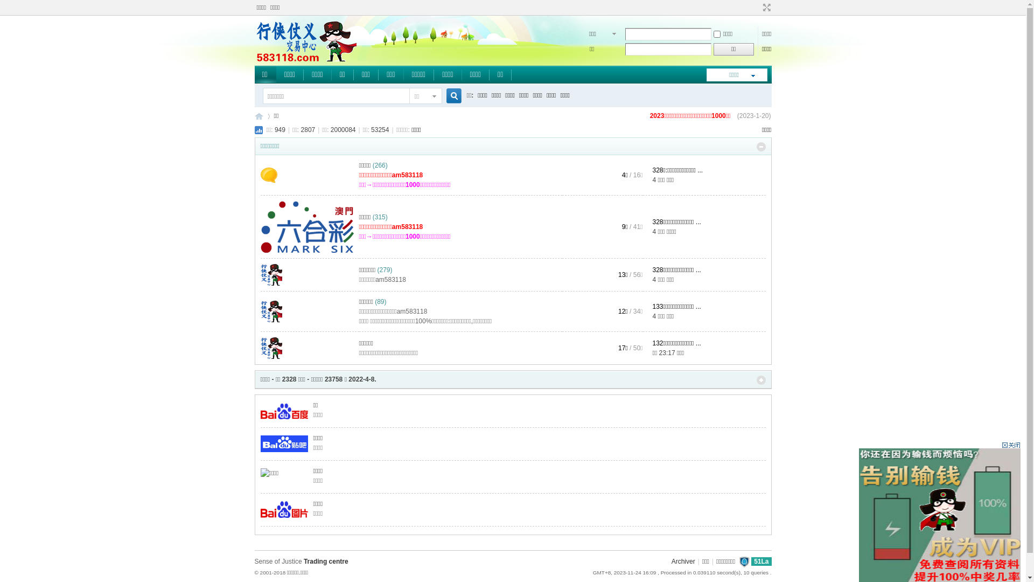 This screenshot has height=582, width=1034. What do you see at coordinates (760, 560) in the screenshot?
I see `'51La'` at bounding box center [760, 560].